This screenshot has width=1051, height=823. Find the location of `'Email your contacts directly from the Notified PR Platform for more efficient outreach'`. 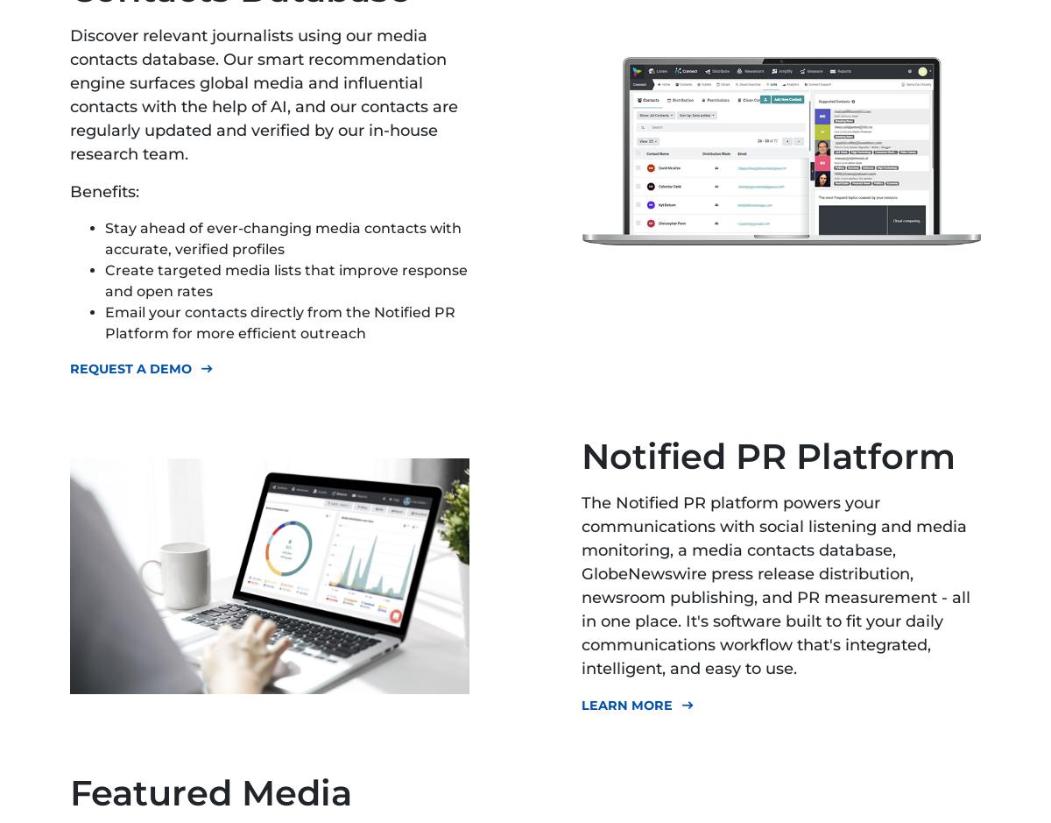

'Email your contacts directly from the Notified PR Platform for more efficient outreach' is located at coordinates (280, 323).